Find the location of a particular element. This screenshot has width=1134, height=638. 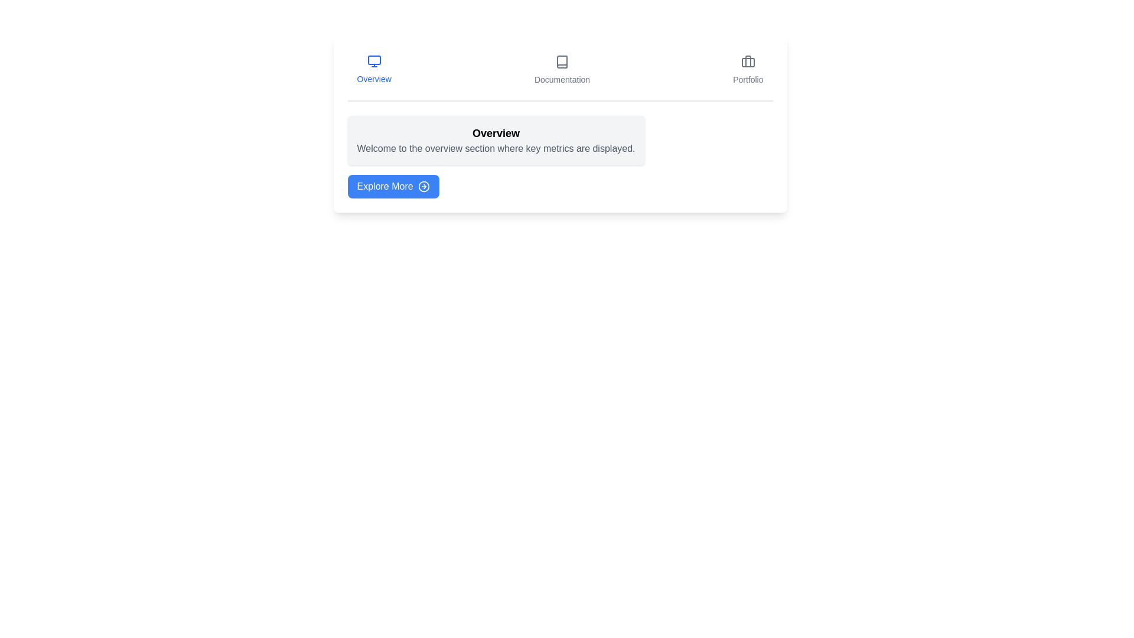

the Portfolio tab to view its content is located at coordinates (747, 70).